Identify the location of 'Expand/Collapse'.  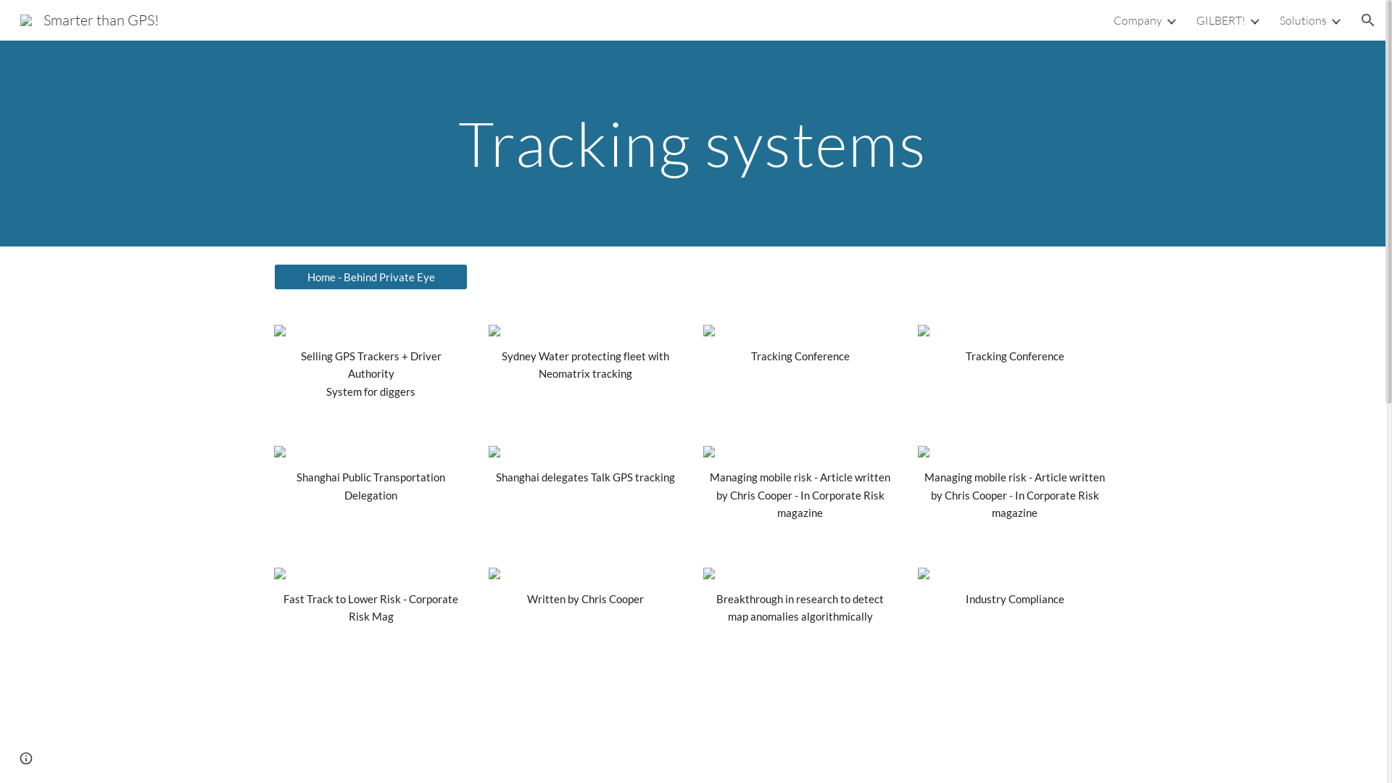
(1329, 20).